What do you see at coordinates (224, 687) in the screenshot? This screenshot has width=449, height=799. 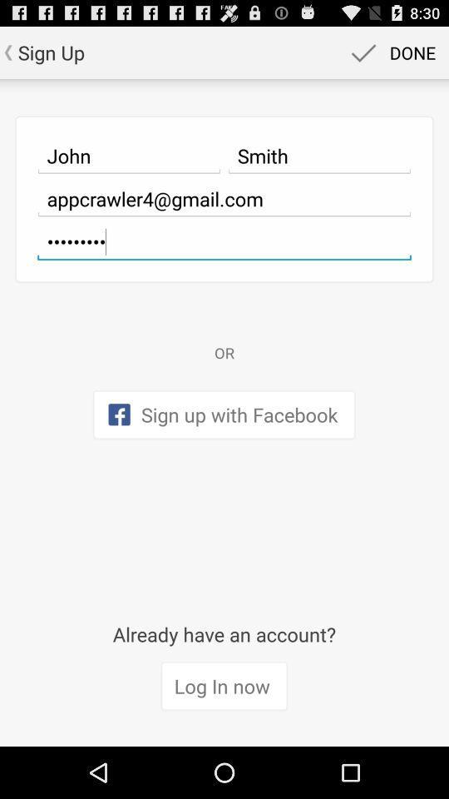 I see `the log in now icon` at bounding box center [224, 687].